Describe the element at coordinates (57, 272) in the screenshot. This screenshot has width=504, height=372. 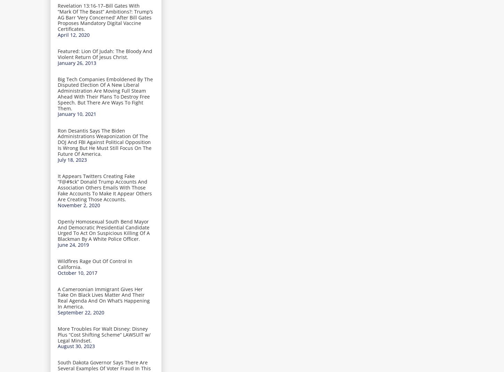
I see `'October 10, 2017'` at that location.